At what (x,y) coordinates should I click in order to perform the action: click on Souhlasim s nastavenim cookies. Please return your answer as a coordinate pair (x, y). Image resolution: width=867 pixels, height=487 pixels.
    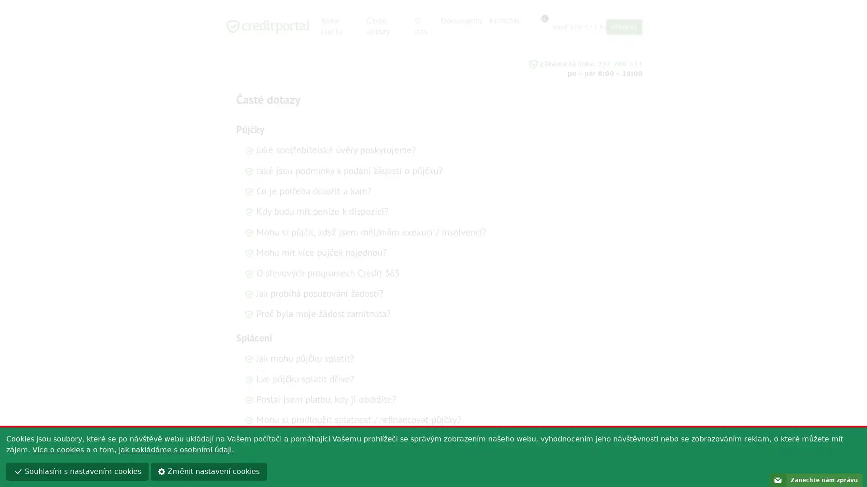
    Looking at the image, I should click on (77, 471).